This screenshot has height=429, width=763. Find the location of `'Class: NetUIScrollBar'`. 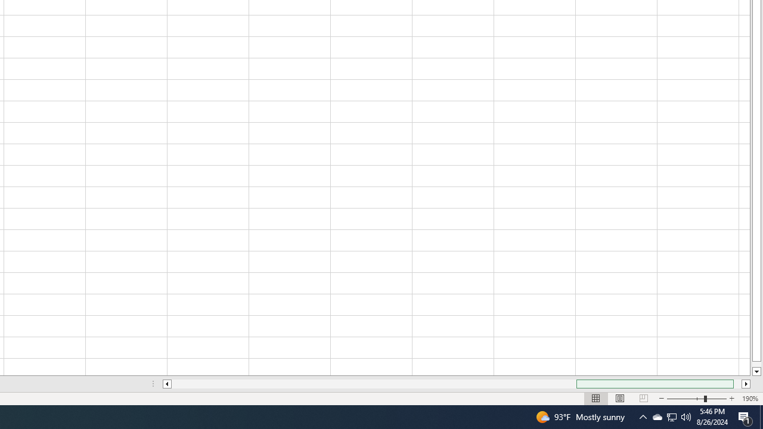

'Class: NetUIScrollBar' is located at coordinates (456, 384).